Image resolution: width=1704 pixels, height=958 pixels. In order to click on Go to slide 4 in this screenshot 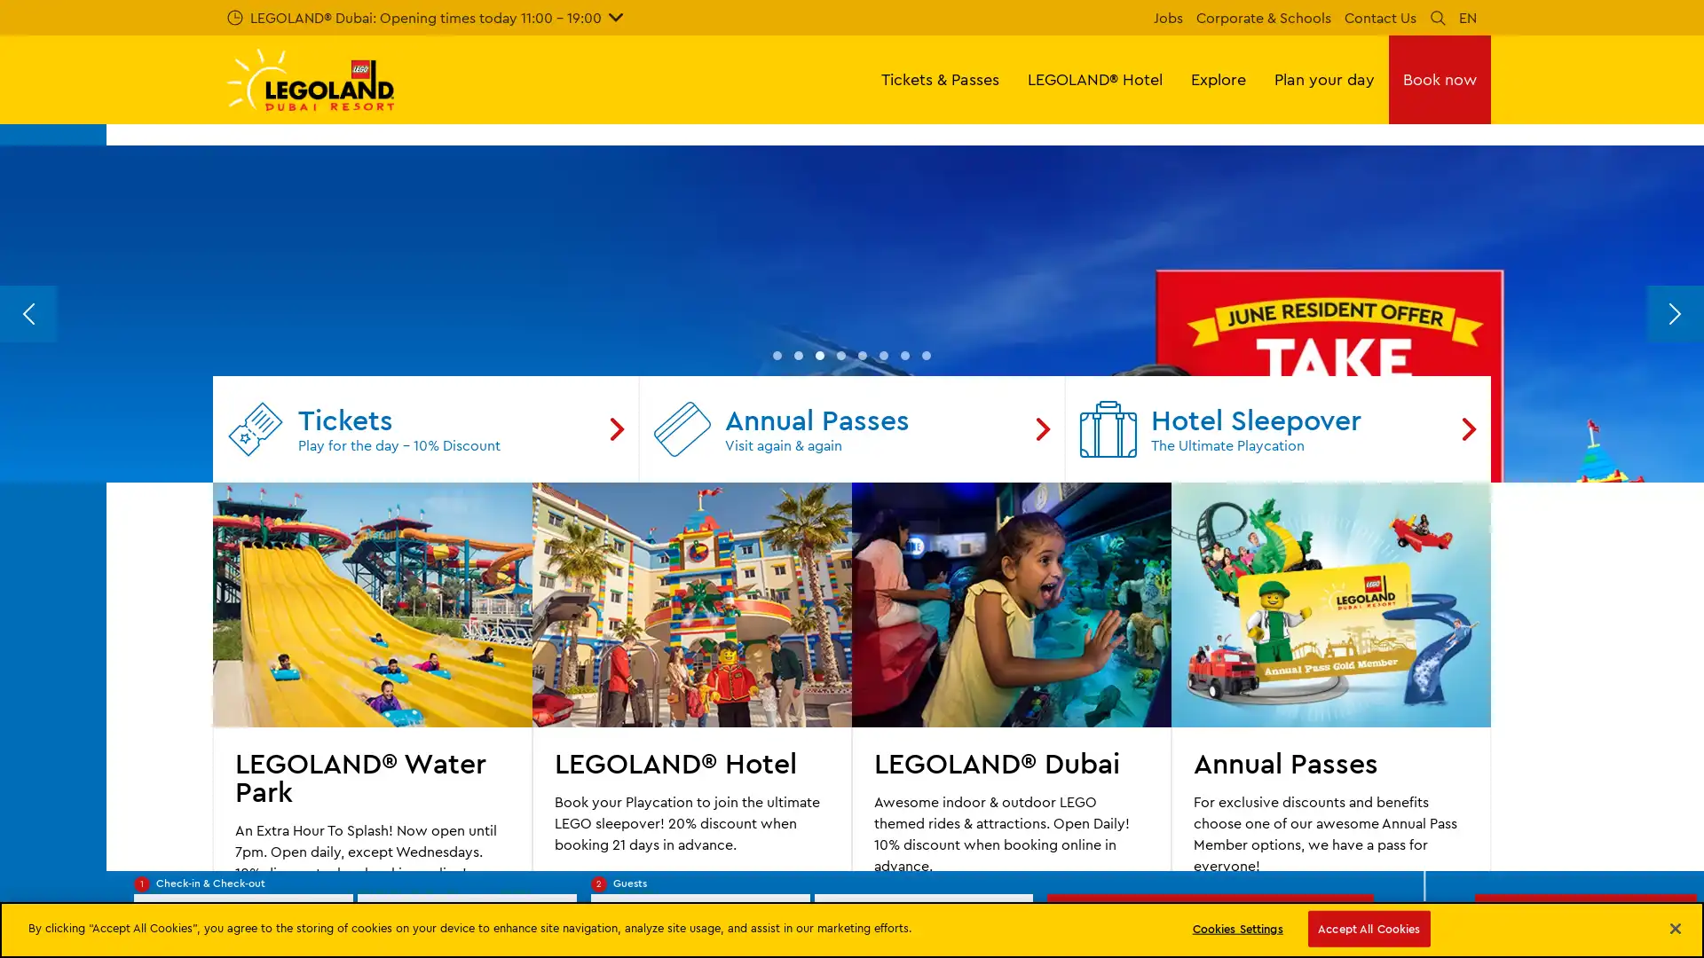, I will do `click(840, 707)`.